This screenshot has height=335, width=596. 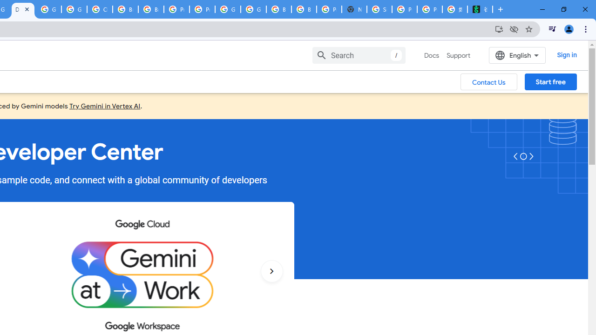 What do you see at coordinates (550, 81) in the screenshot?
I see `'Start free'` at bounding box center [550, 81].